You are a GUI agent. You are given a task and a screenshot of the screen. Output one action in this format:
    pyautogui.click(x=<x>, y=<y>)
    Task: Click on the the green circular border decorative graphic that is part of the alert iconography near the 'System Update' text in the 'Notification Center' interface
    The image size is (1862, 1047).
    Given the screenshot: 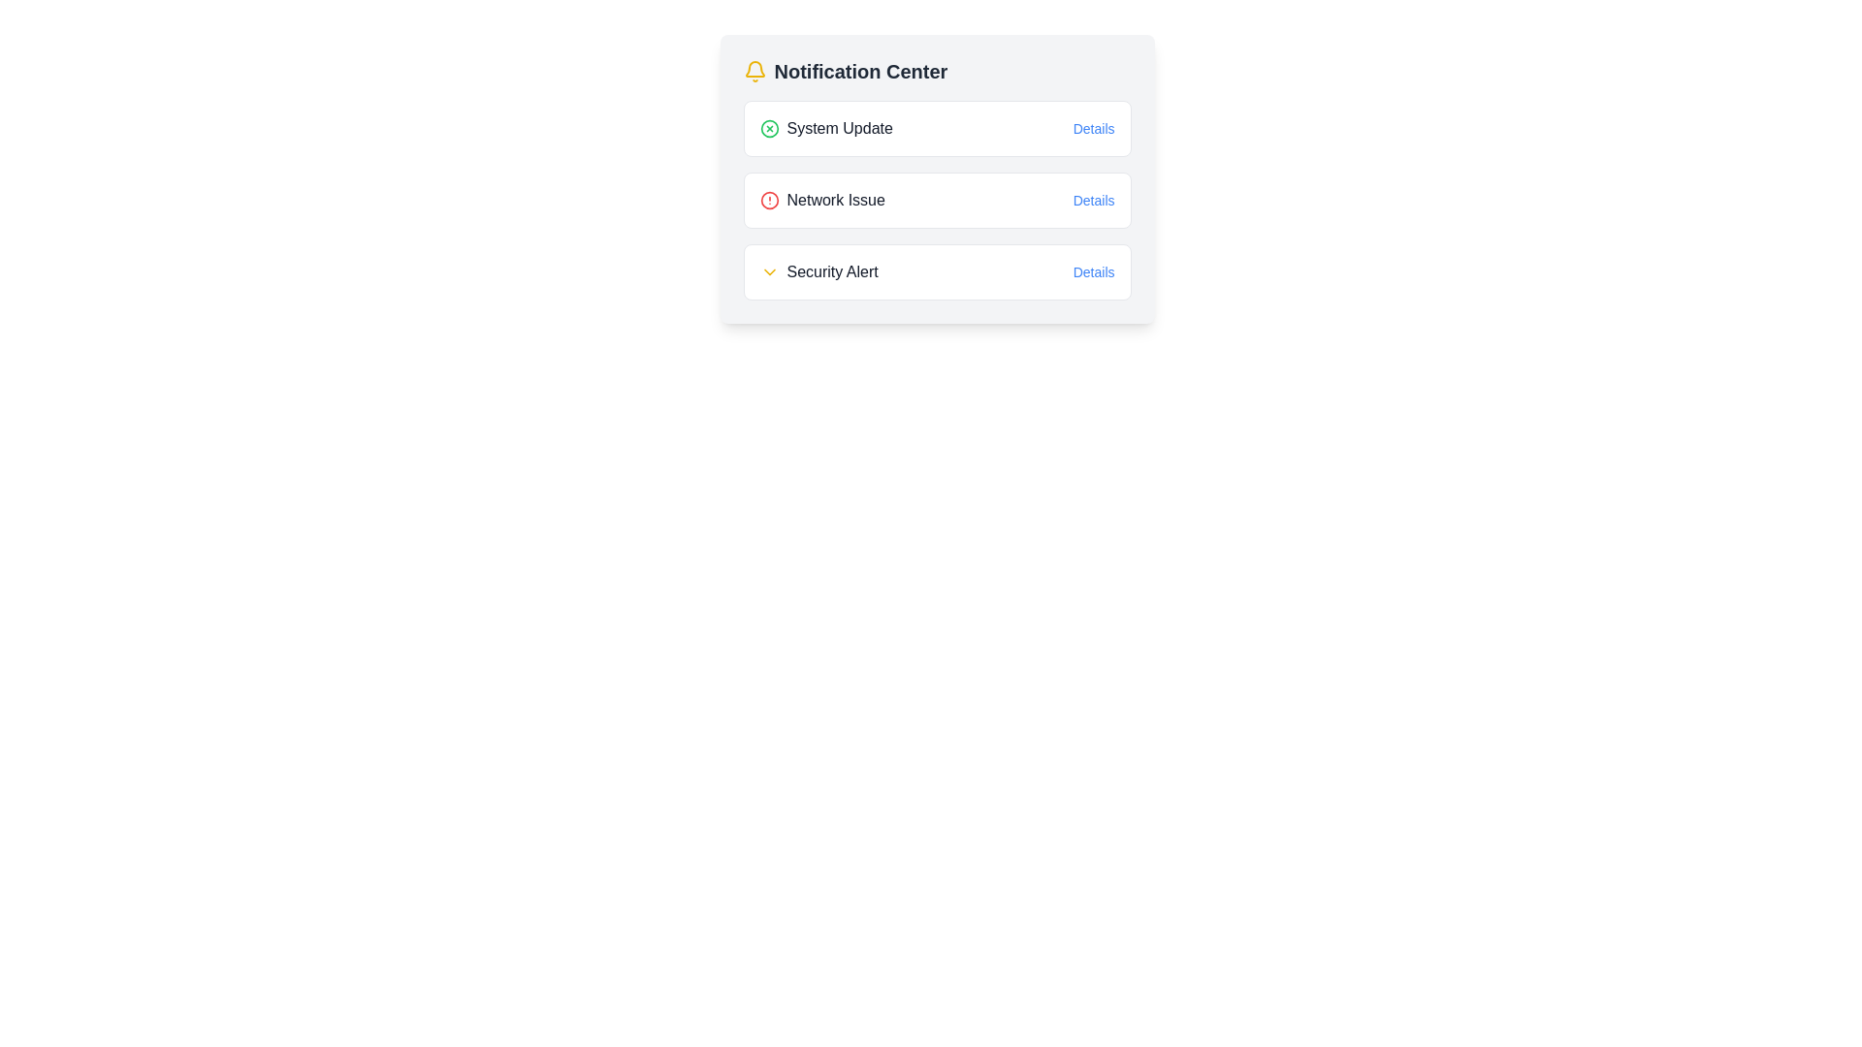 What is the action you would take?
    pyautogui.click(x=768, y=128)
    